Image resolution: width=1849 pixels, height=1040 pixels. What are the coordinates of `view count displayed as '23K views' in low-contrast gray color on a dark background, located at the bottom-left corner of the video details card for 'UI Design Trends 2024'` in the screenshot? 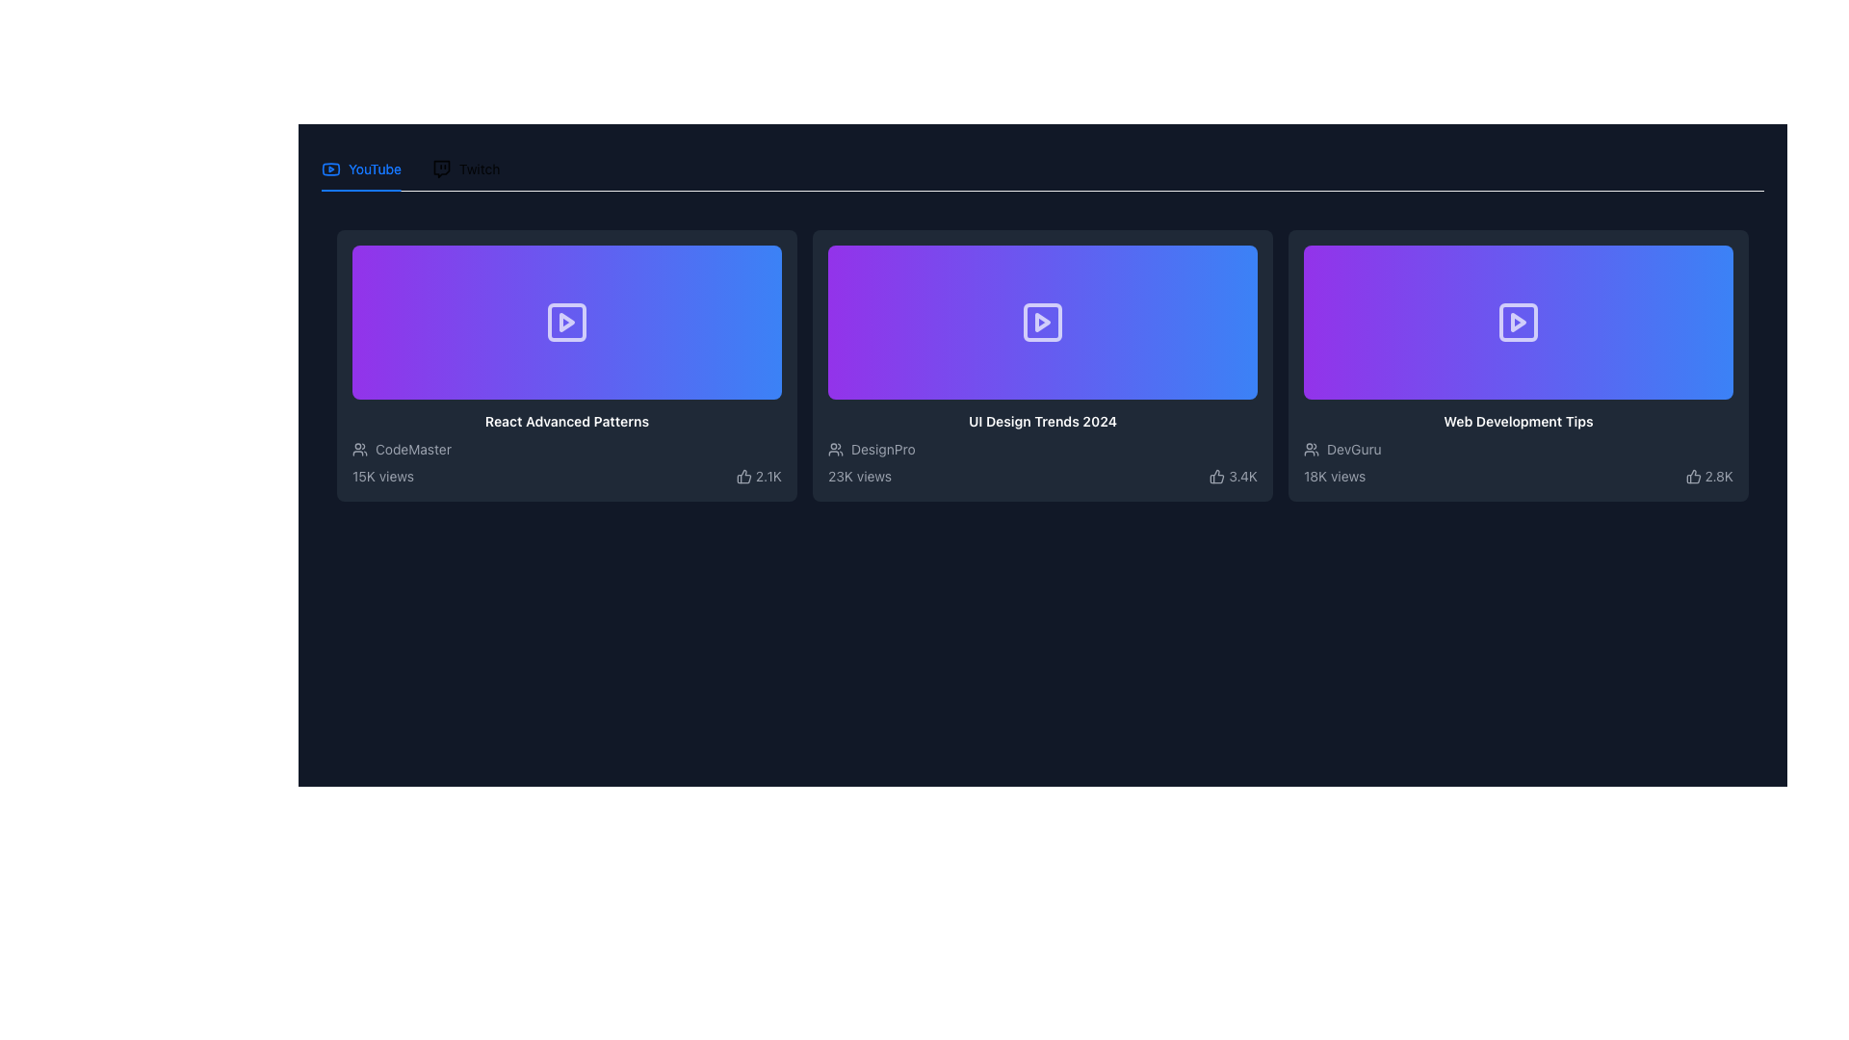 It's located at (858, 476).